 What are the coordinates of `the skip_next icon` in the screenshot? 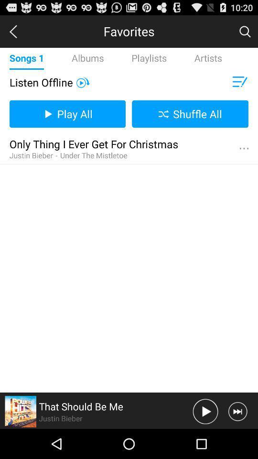 It's located at (237, 440).